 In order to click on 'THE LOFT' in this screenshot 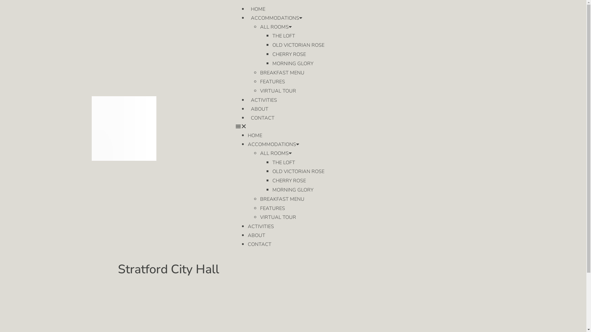, I will do `click(283, 162)`.